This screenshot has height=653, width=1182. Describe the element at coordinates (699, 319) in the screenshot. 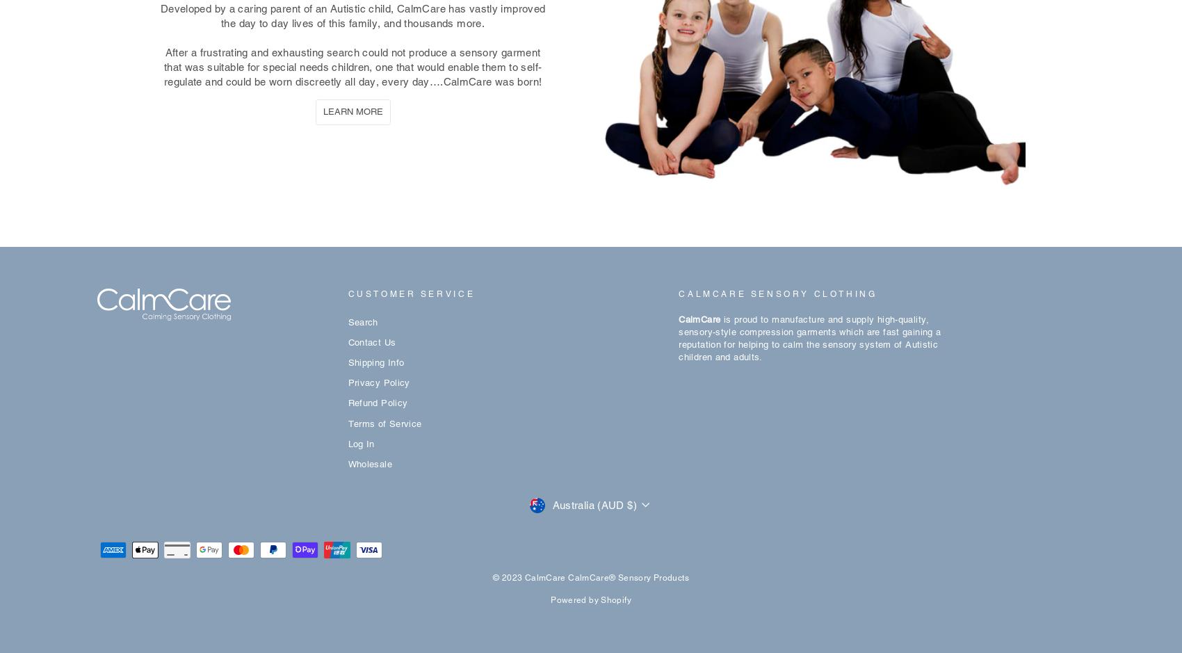

I see `'CalmCare'` at that location.